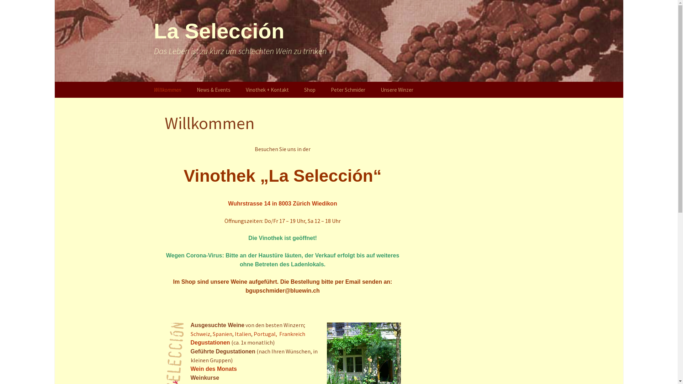 The width and height of the screenshot is (683, 384). I want to click on 'Degustationen', so click(210, 342).